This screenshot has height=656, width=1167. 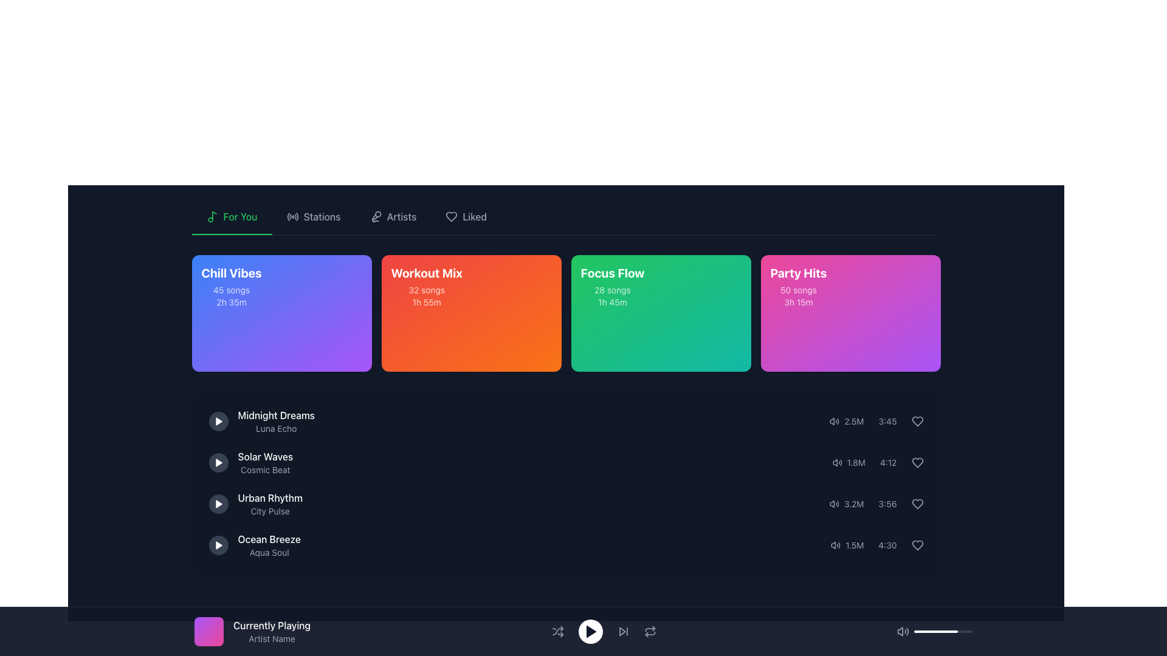 What do you see at coordinates (799, 286) in the screenshot?
I see `the 'Party Hits' informational card located in the top-right section of the interface` at bounding box center [799, 286].